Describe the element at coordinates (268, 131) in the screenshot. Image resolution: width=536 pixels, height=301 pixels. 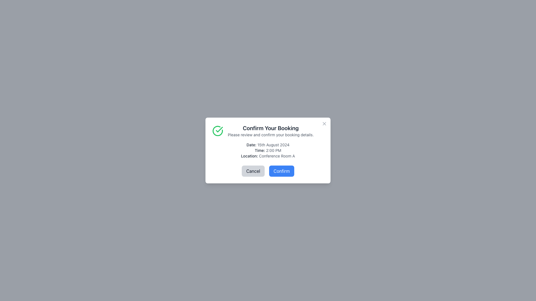
I see `title of the text with icon element located at the top of the white modal dialog box, which provides information about confirming a booking` at that location.